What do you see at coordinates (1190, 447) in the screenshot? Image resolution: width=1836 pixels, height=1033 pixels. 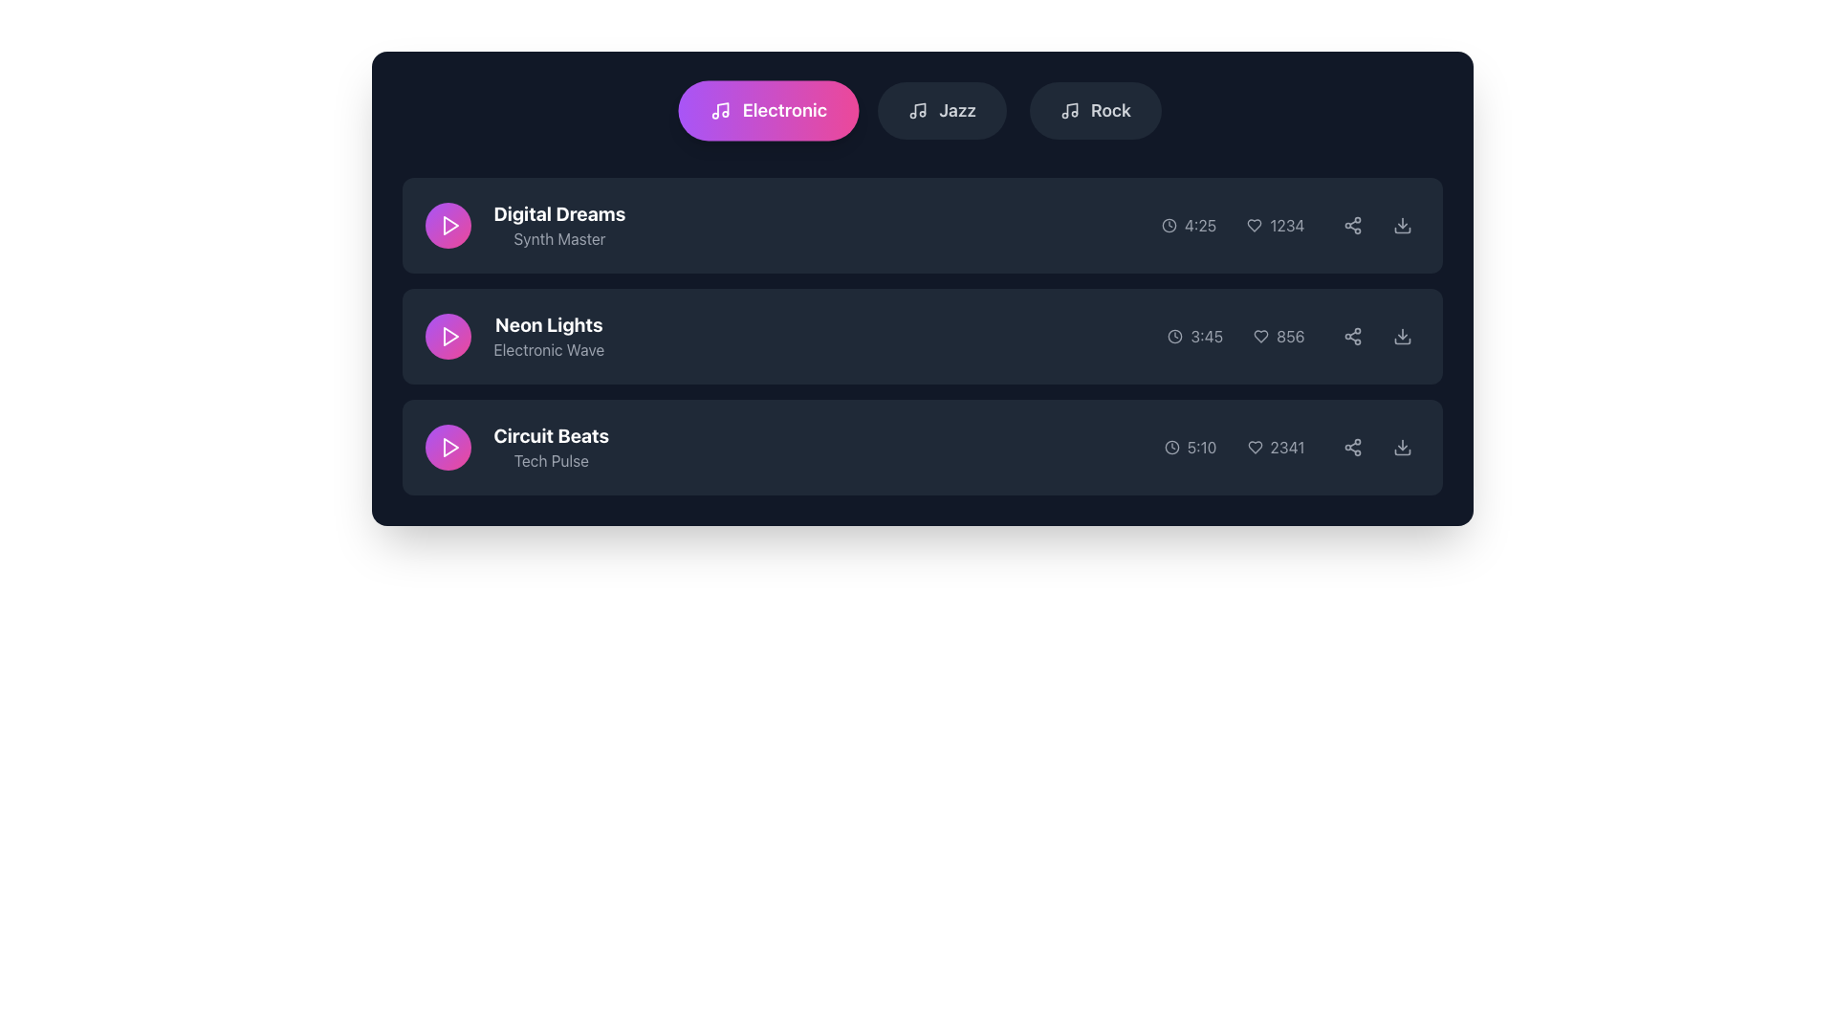 I see `the Text label with an icon that displays the duration of the media item, located in the third row on the right side of the row, adjacent to other icons and text elements` at bounding box center [1190, 447].